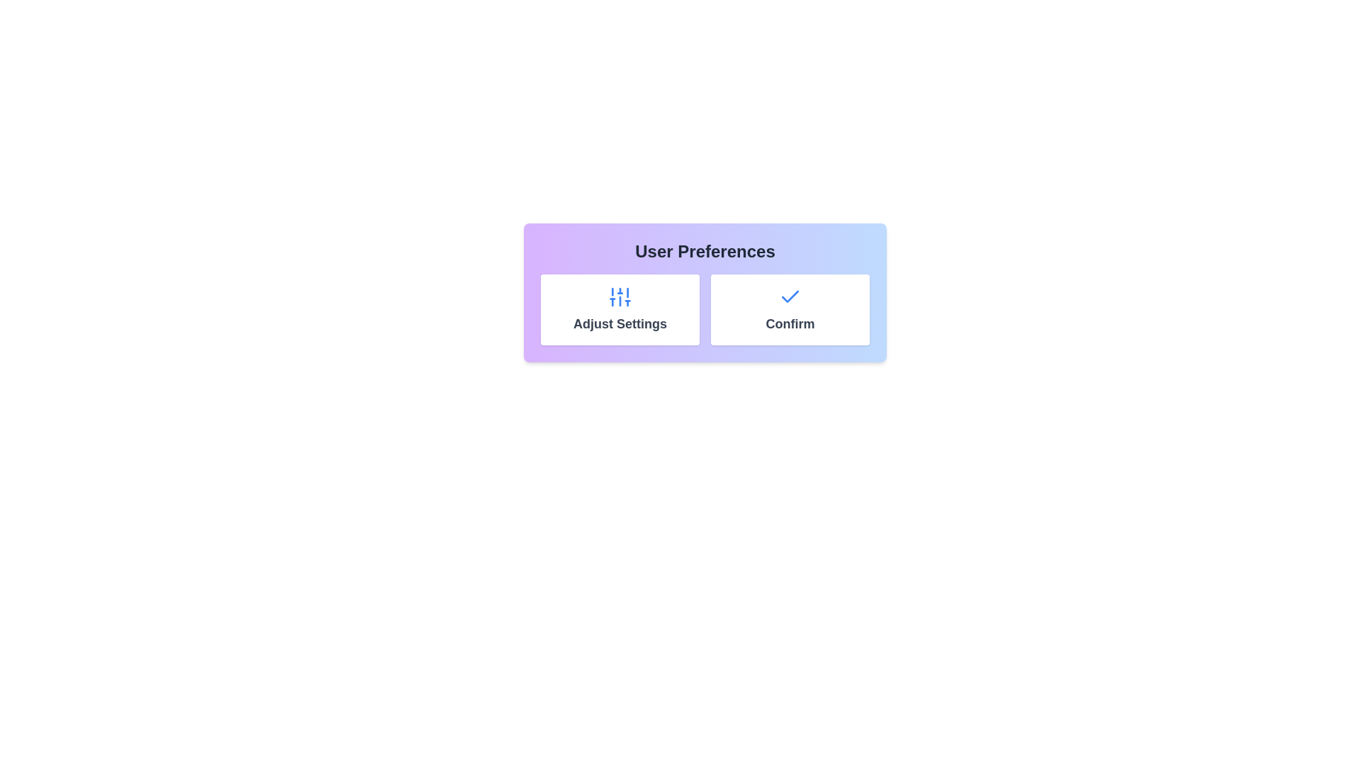  Describe the element at coordinates (789, 323) in the screenshot. I see `the 'Confirm' text label, which is a bold, large, gray-colored label located at the bottom center of a rectangular card with a white background` at that location.